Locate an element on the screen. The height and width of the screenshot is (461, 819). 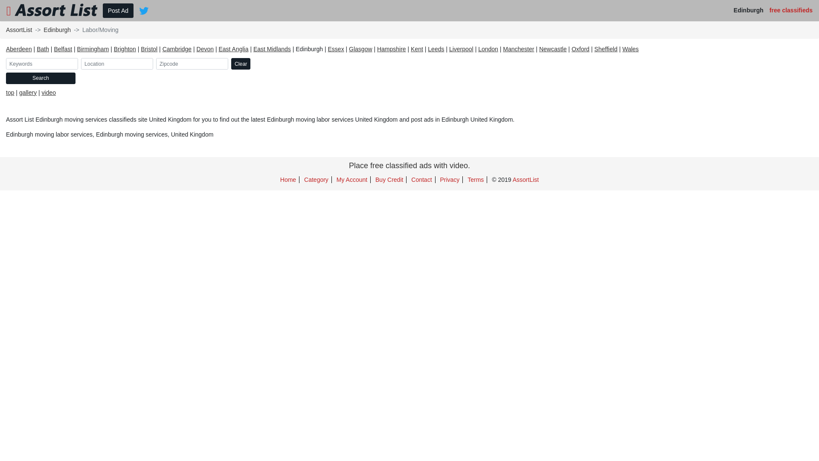
'Kent' is located at coordinates (417, 49).